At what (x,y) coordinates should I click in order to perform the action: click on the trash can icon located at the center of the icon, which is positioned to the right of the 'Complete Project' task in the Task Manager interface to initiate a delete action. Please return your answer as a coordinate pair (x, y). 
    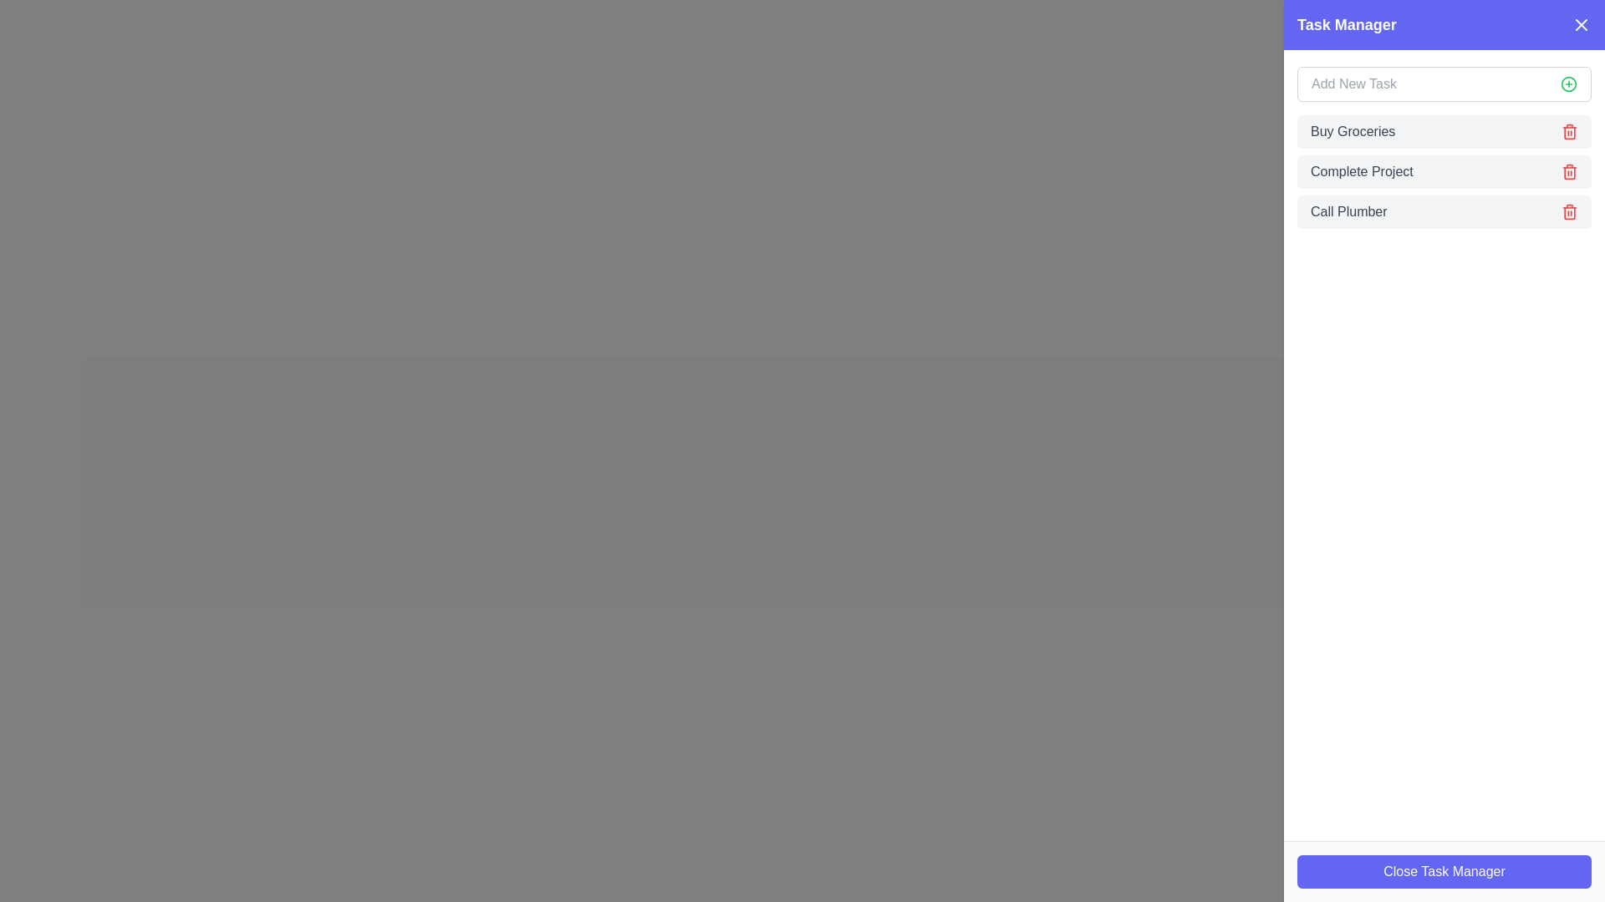
    Looking at the image, I should click on (1568, 173).